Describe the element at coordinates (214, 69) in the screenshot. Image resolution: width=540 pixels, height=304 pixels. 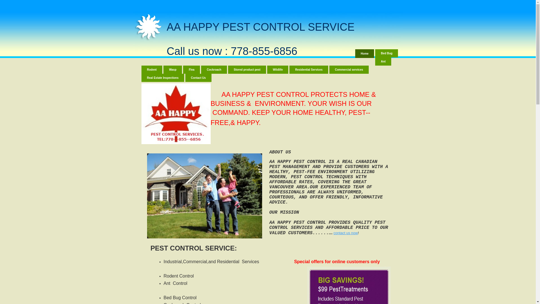
I see `'Cockroach'` at that location.